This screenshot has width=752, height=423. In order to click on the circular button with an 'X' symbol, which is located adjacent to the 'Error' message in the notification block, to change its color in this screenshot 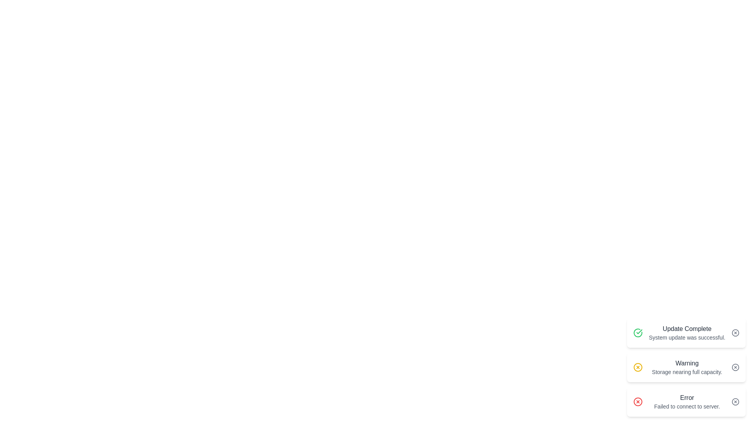, I will do `click(735, 402)`.